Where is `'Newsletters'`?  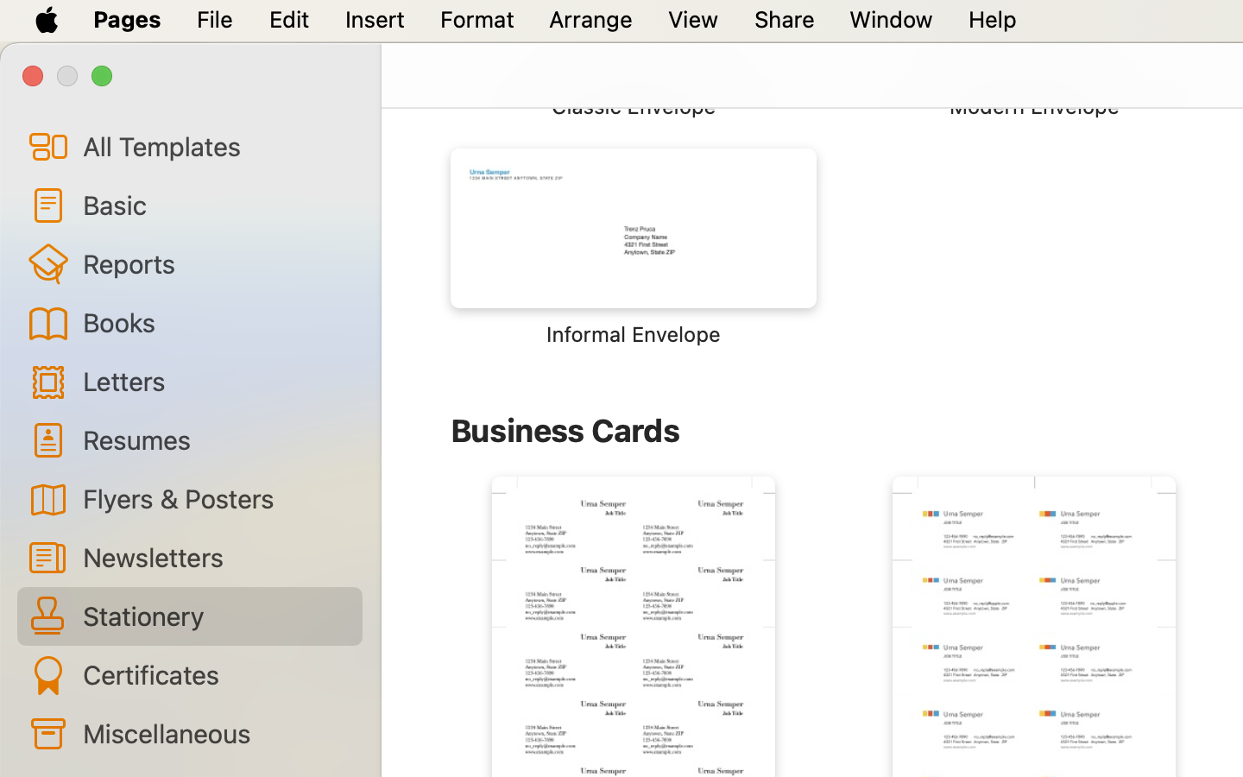
'Newsletters' is located at coordinates (214, 557).